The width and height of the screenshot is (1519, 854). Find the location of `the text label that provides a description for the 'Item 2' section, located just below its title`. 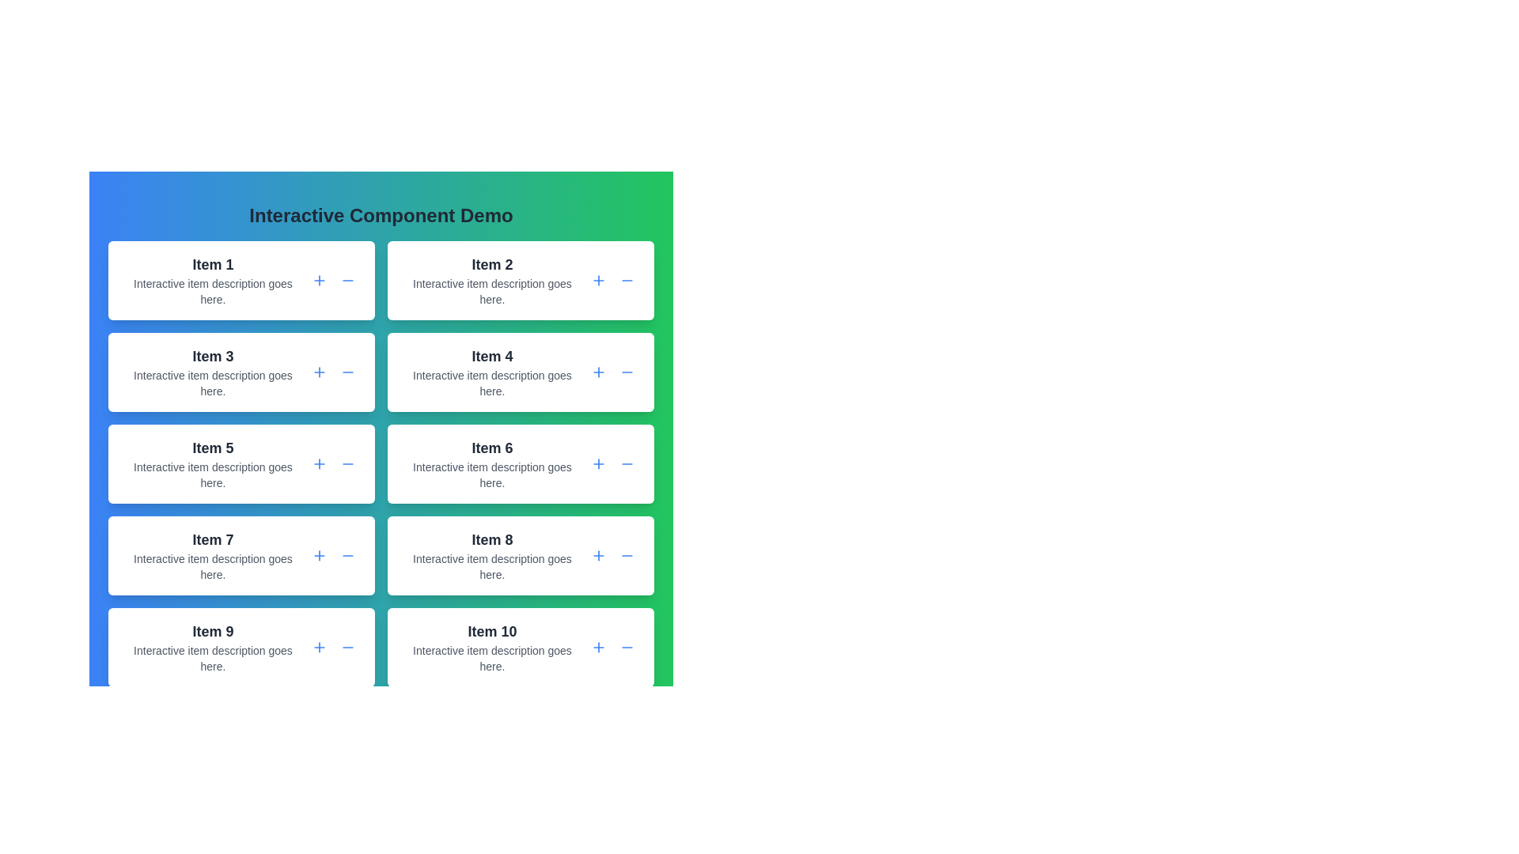

the text label that provides a description for the 'Item 2' section, located just below its title is located at coordinates (491, 292).